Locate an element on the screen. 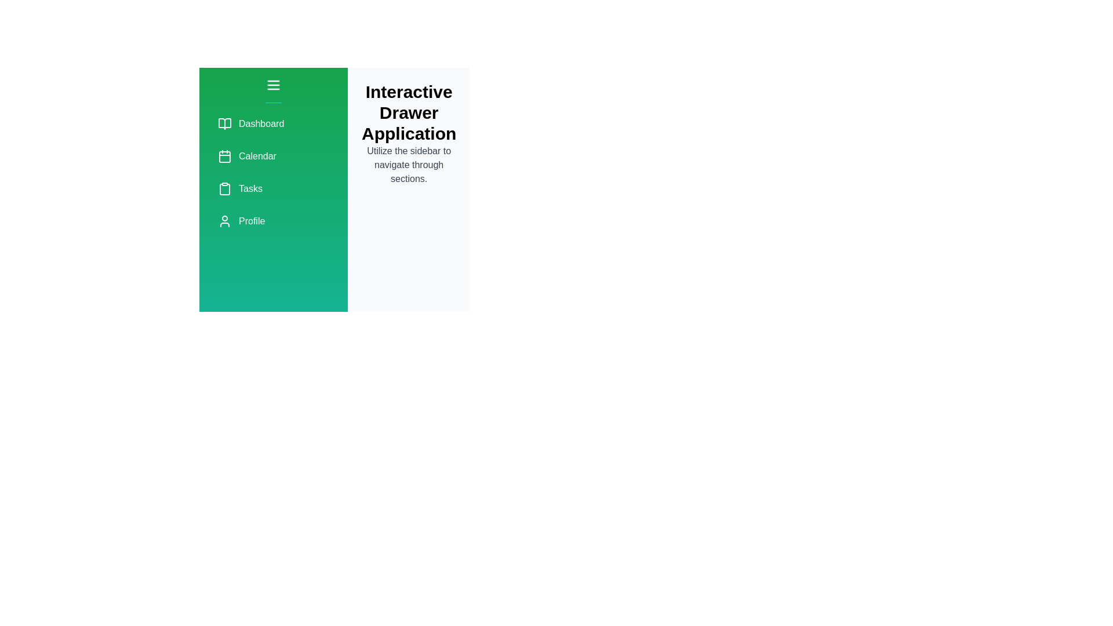  the menu item labeled Profile to preview its description is located at coordinates (272, 221).